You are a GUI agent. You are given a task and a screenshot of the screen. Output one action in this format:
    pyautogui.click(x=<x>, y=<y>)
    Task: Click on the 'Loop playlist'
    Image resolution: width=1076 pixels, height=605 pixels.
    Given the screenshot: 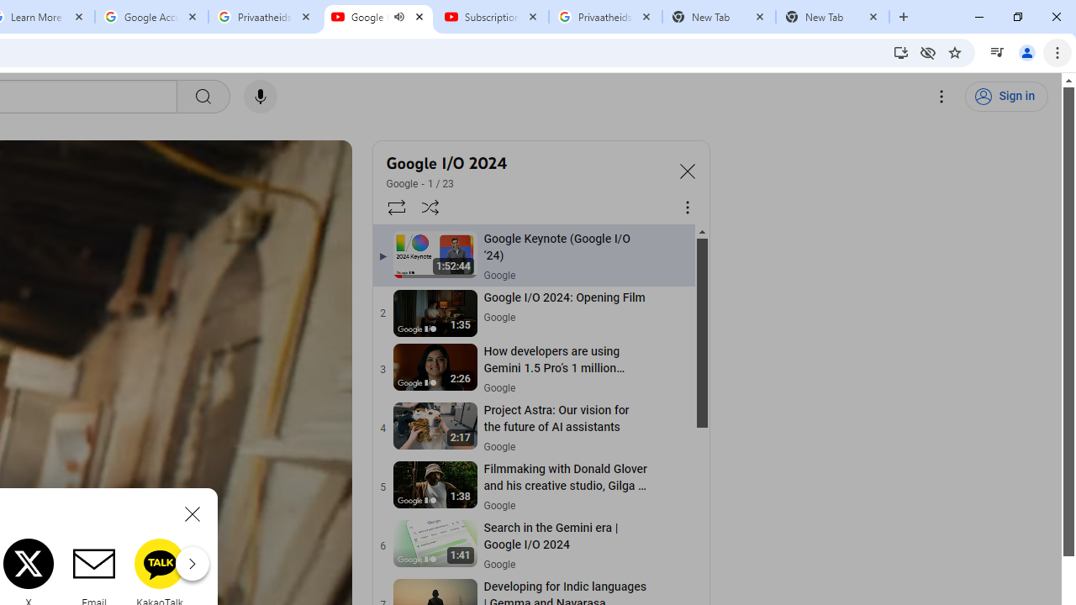 What is the action you would take?
    pyautogui.click(x=395, y=206)
    